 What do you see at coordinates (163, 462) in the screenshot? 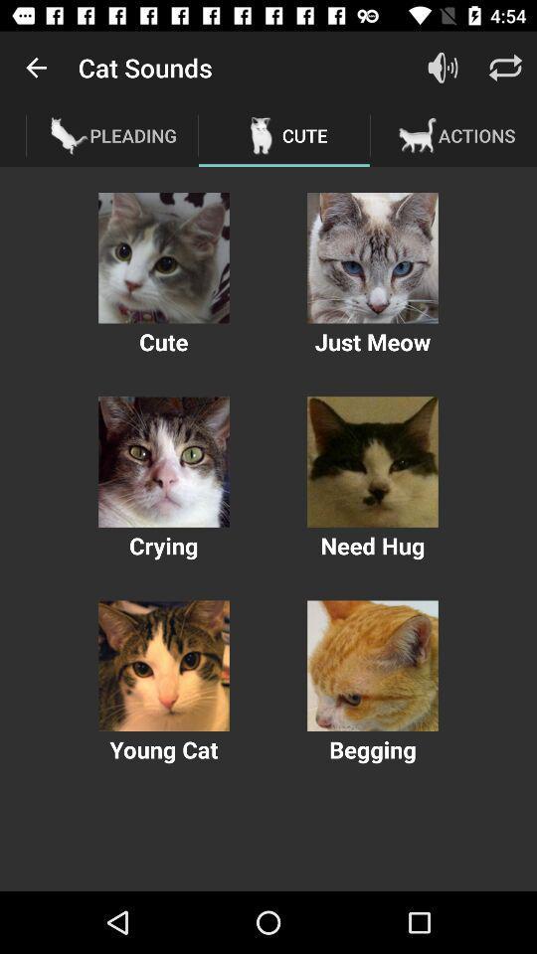
I see `animal image` at bounding box center [163, 462].